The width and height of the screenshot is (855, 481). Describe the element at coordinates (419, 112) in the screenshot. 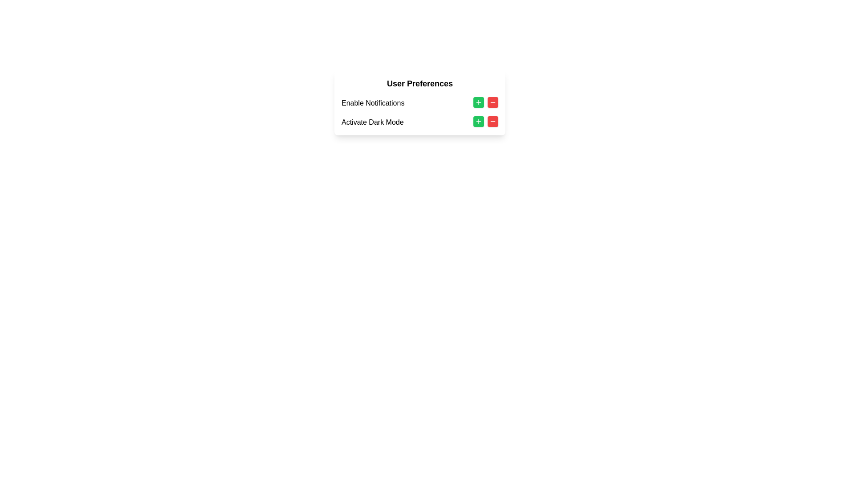

I see `the 'Enable Notifications' option for keyboard interaction` at that location.